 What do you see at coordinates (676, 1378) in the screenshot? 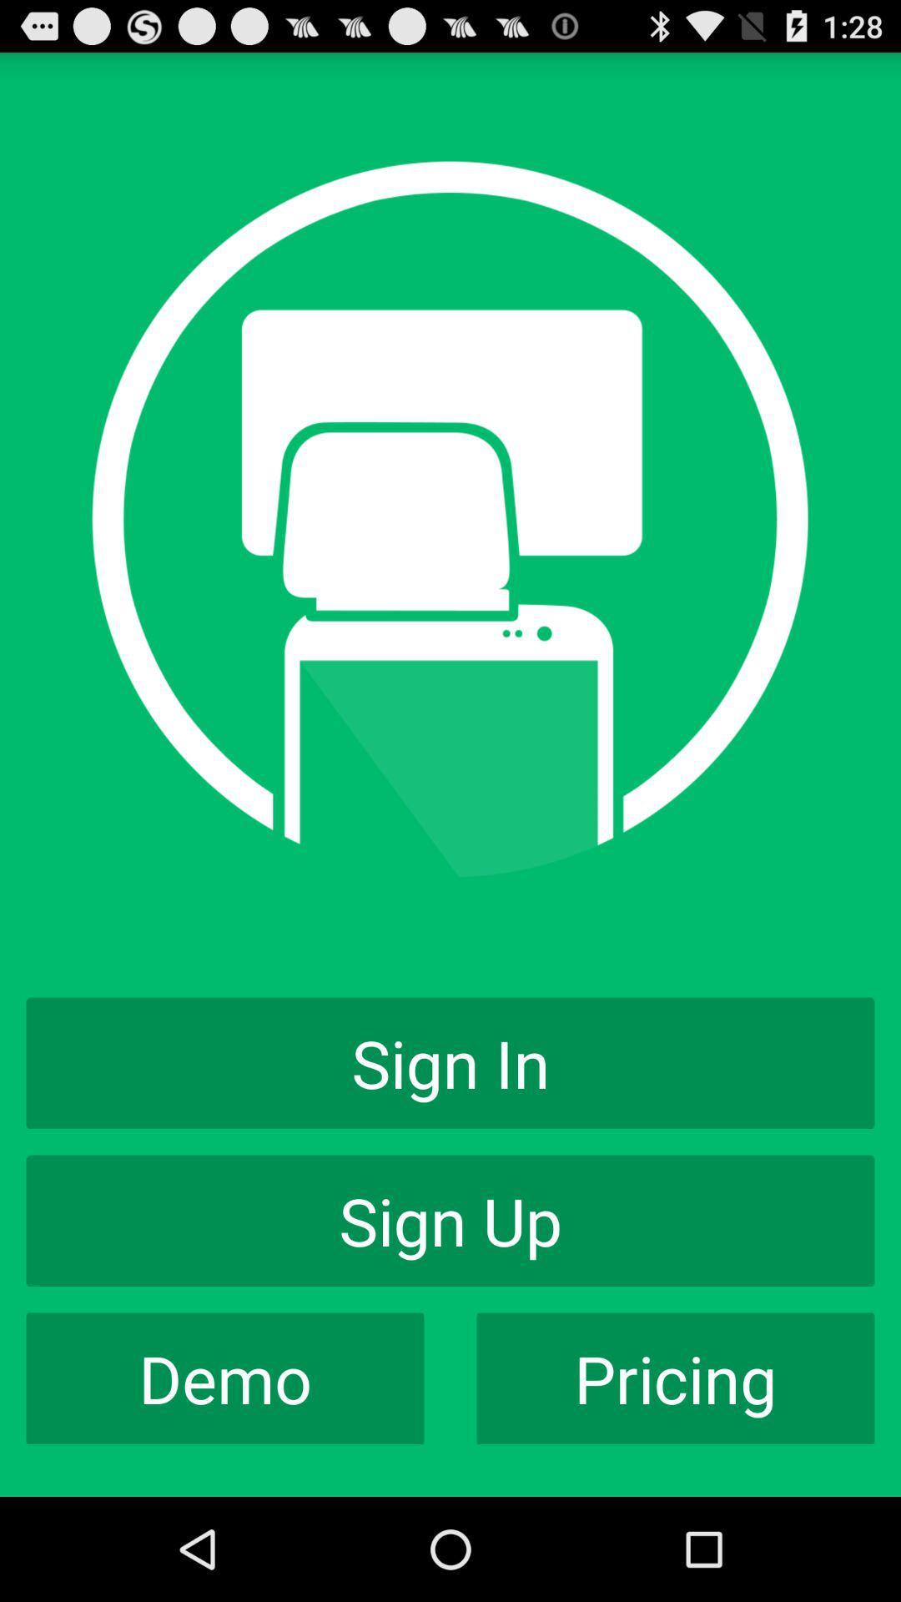
I see `the icon at the bottom right corner` at bounding box center [676, 1378].